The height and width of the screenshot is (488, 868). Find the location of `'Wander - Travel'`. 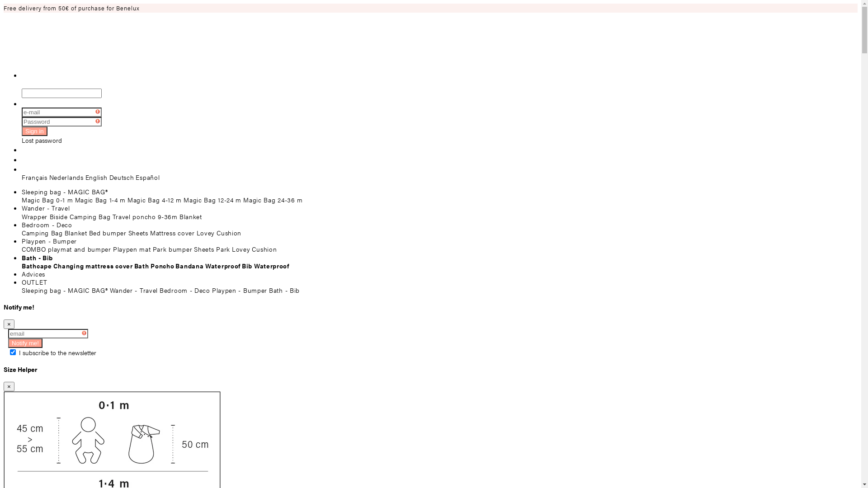

'Wander - Travel' is located at coordinates (133, 290).